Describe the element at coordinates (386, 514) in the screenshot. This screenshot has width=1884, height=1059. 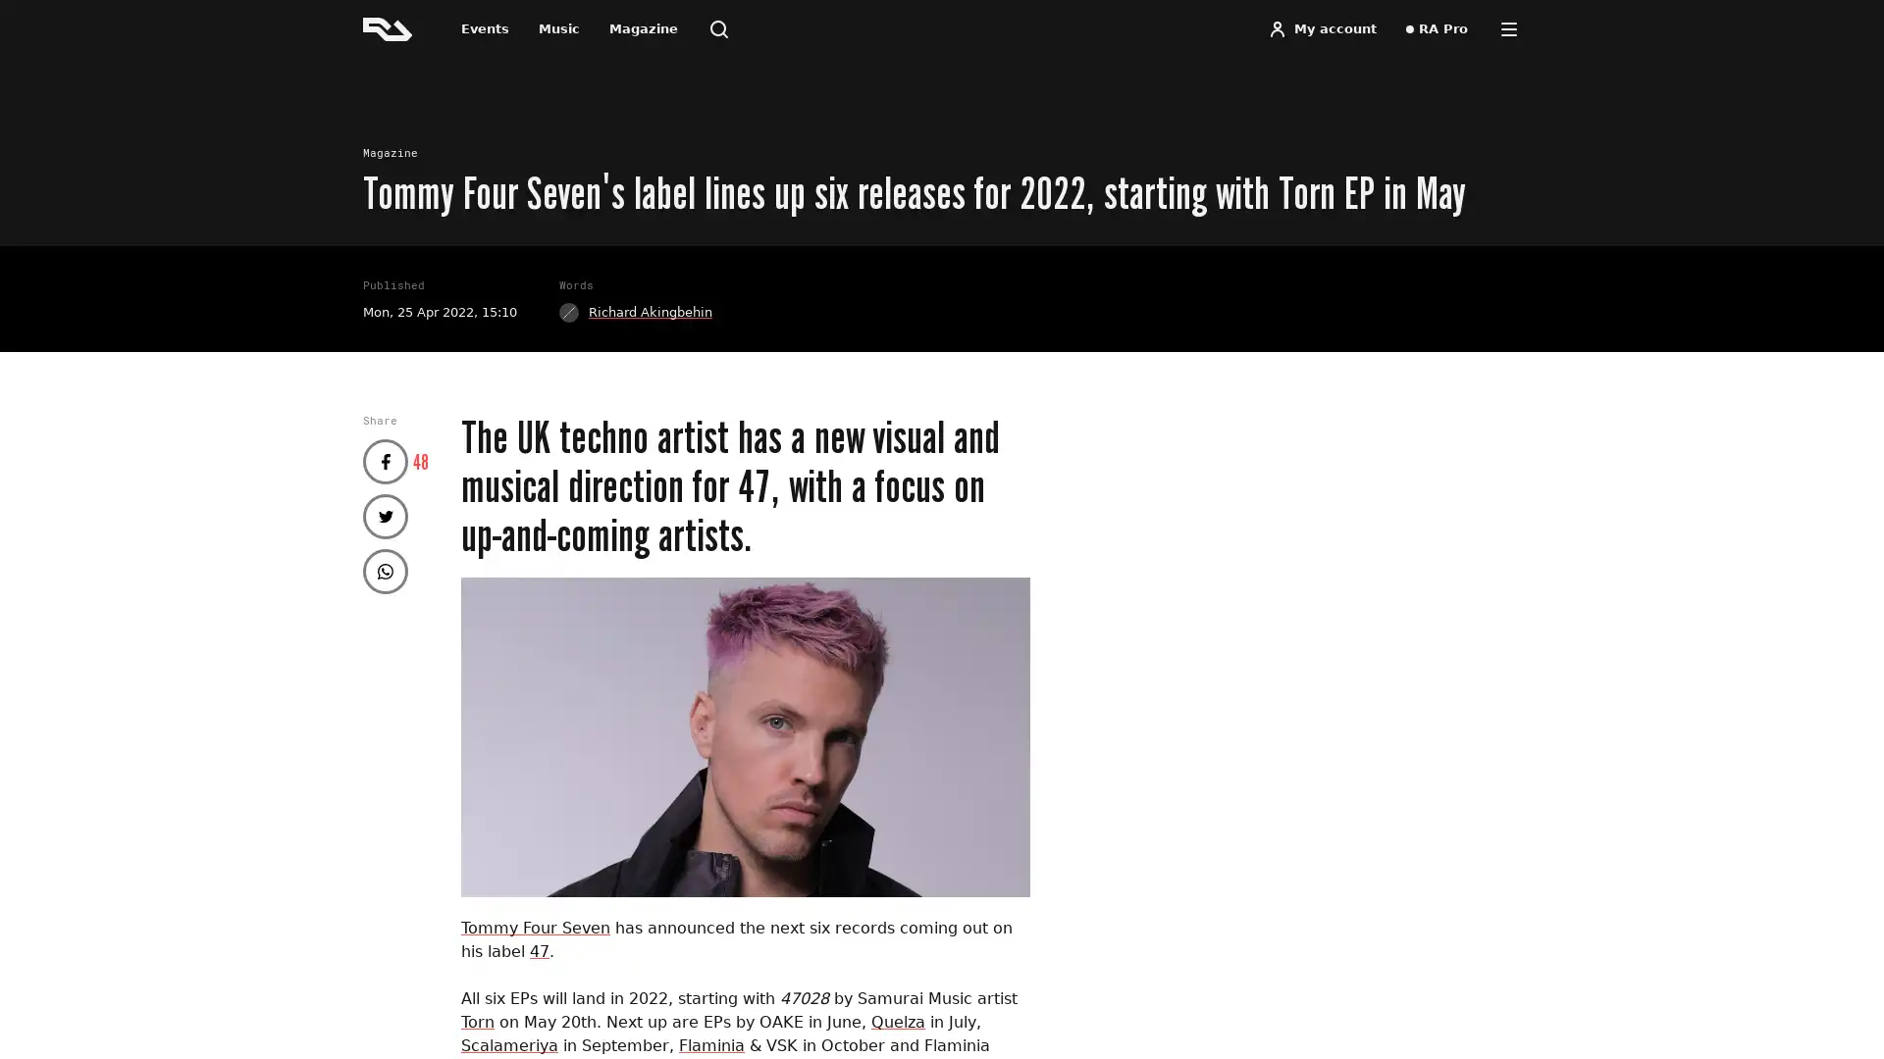
I see `twitter` at that location.